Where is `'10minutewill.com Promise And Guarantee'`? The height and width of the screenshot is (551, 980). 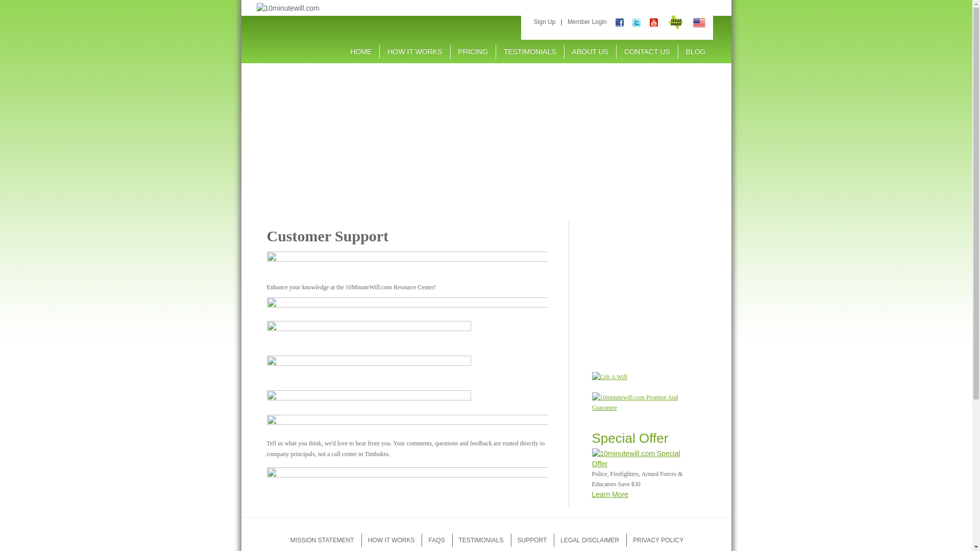
'10minutewill.com Promise And Guarantee' is located at coordinates (640, 402).